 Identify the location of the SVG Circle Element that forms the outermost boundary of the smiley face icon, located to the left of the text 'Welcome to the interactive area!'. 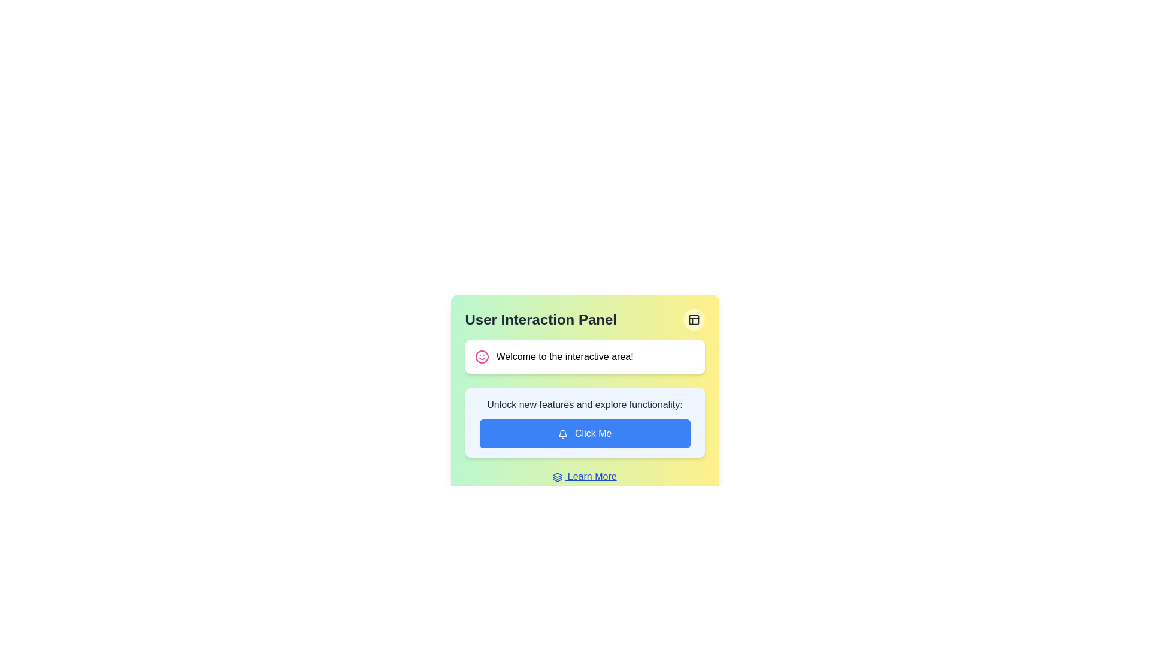
(482, 356).